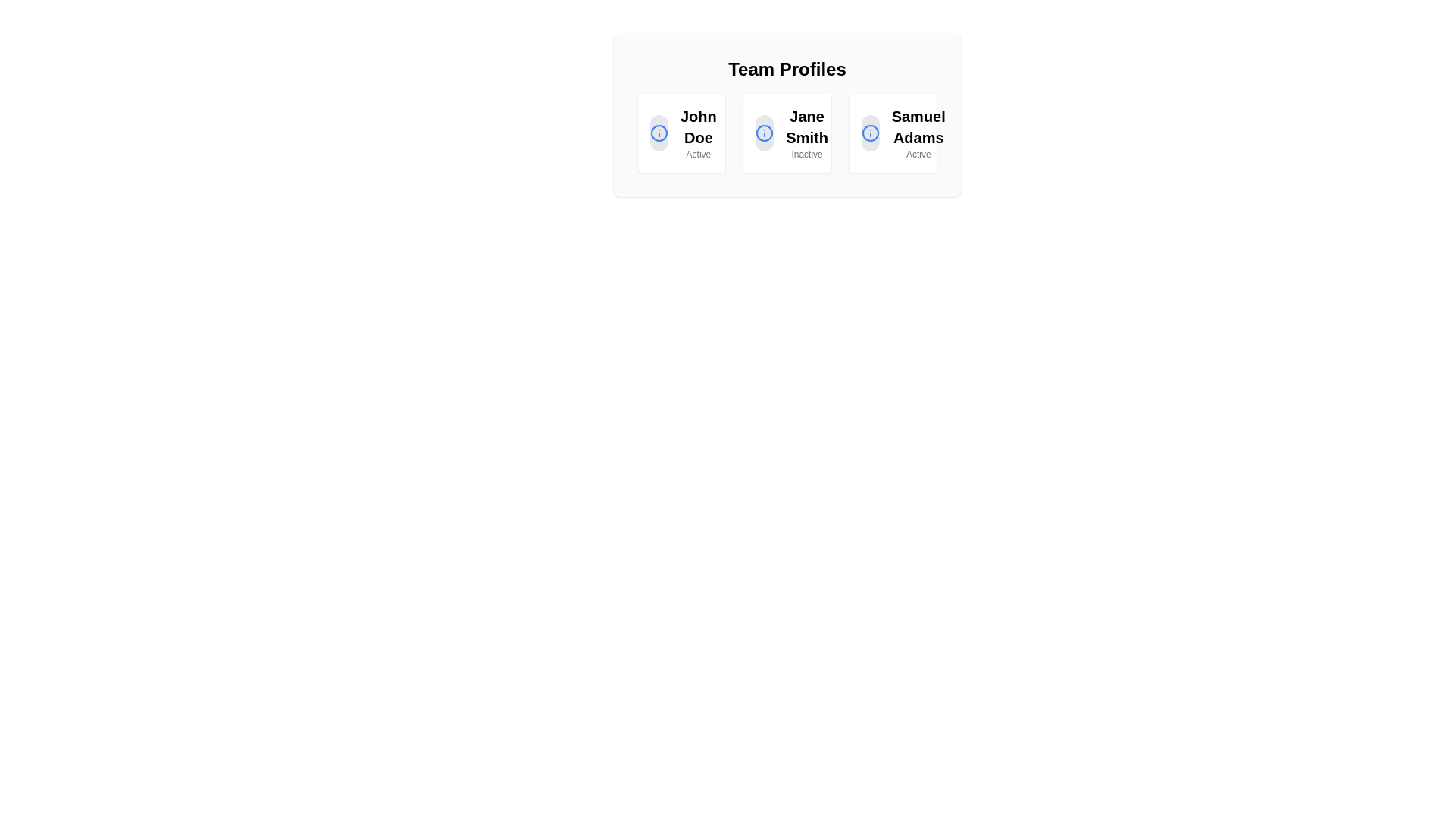  I want to click on the SVG-based icon located at the top of the profile card for 'Jane Smith', which is the second card in a row of three profile cards under 'Team Profiles', so click(765, 133).